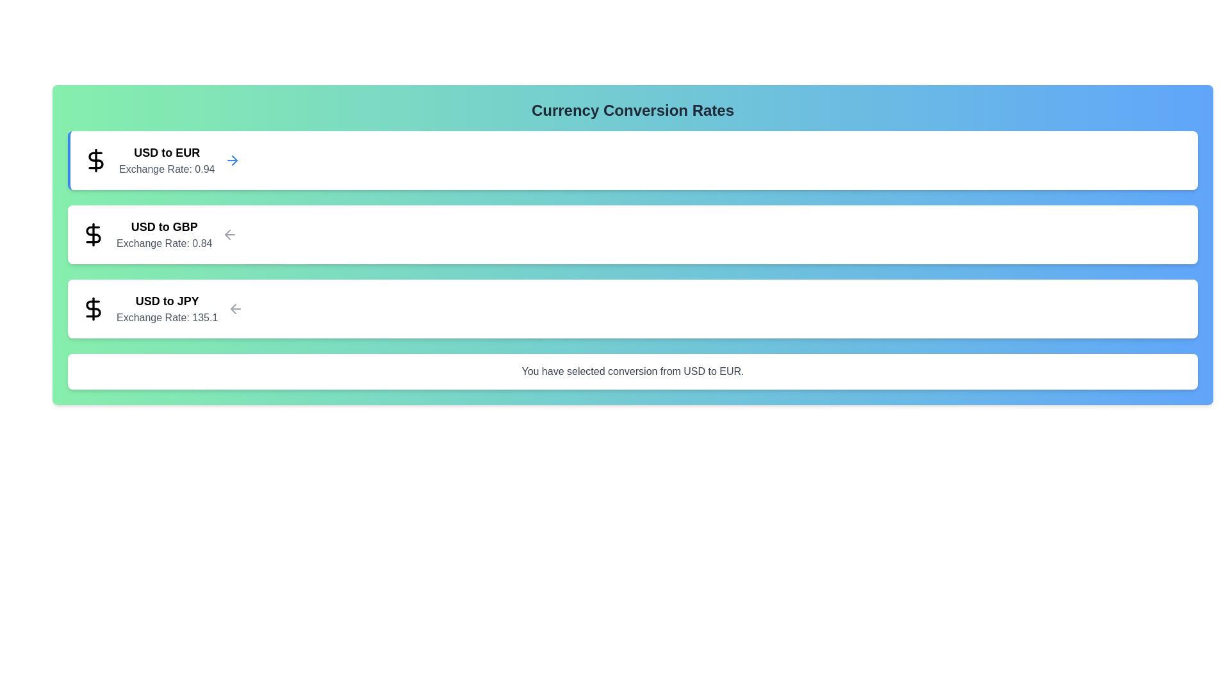 The width and height of the screenshot is (1230, 691). Describe the element at coordinates (230, 234) in the screenshot. I see `the back navigation icon located in the second currency conversion panel labeled 'USD to GBP'` at that location.